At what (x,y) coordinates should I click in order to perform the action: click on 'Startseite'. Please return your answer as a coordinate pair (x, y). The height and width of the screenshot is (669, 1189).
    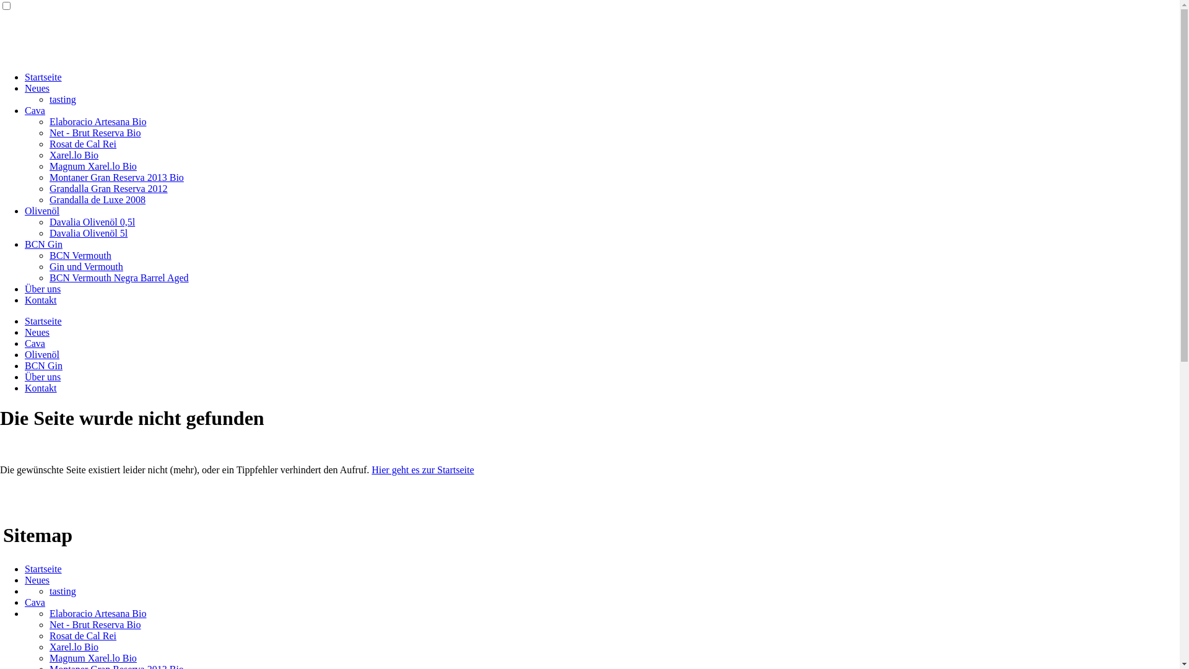
    Looking at the image, I should click on (43, 569).